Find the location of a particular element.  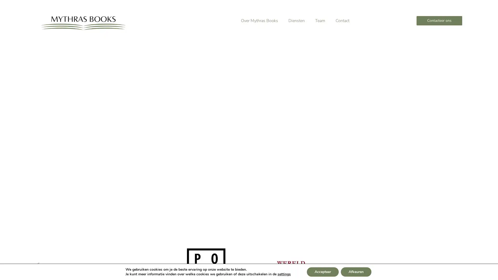

Accepteer is located at coordinates (322, 272).